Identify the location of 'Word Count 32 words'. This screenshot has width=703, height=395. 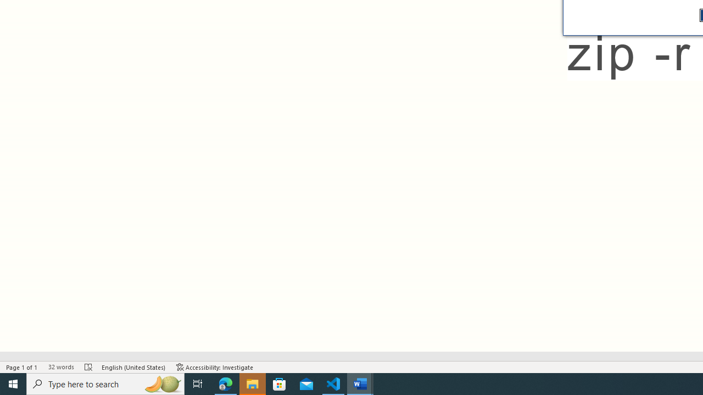
(60, 367).